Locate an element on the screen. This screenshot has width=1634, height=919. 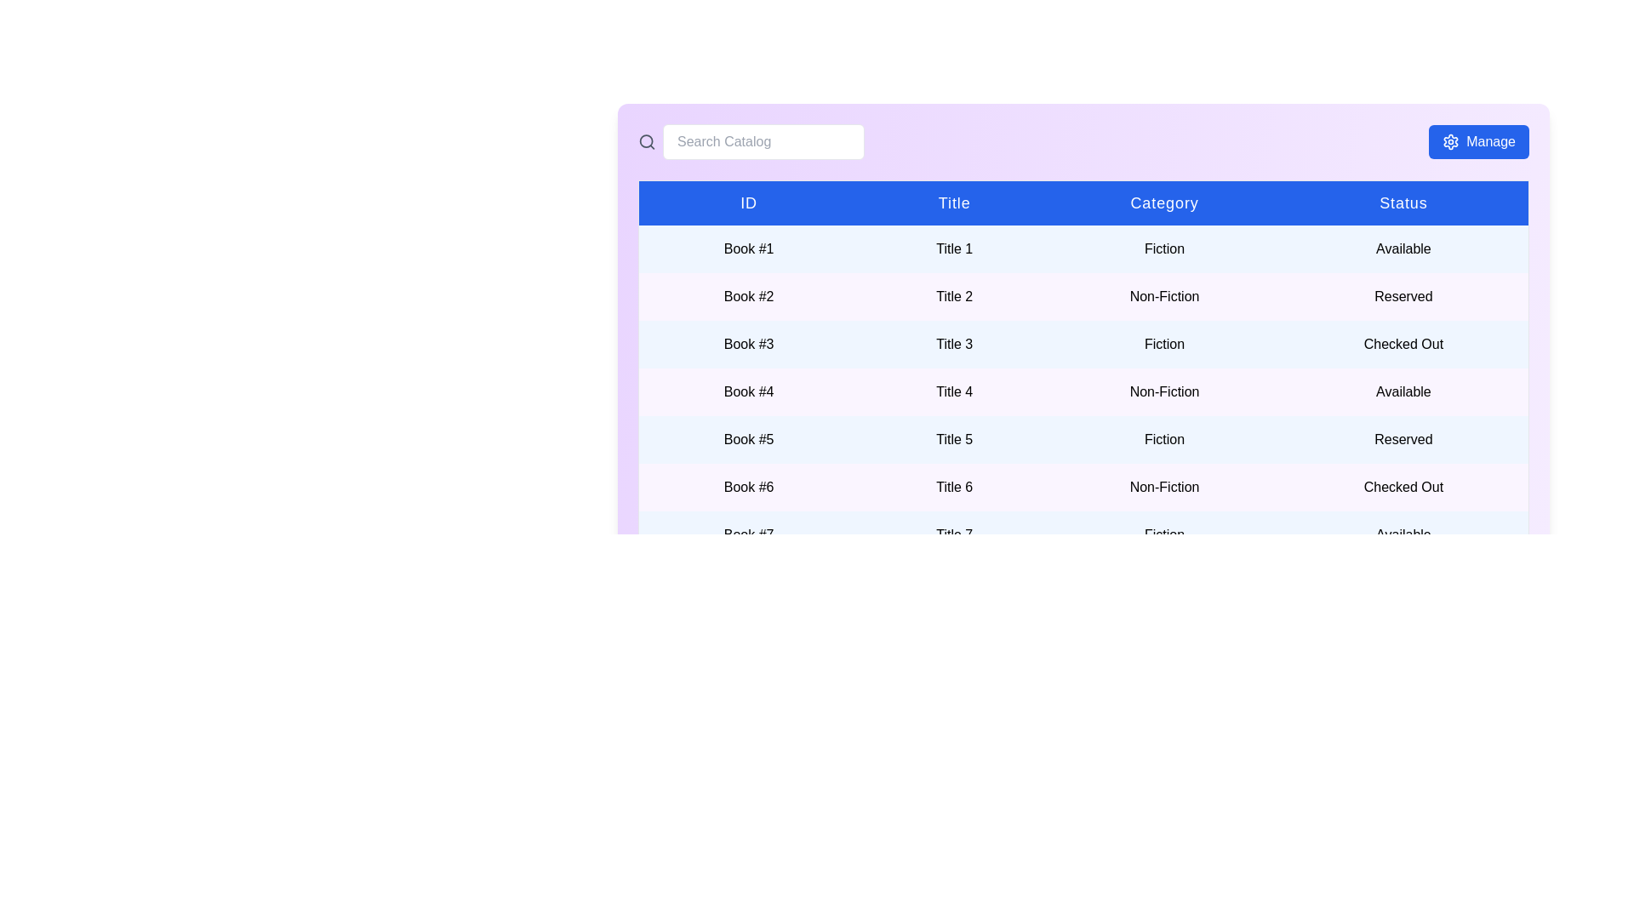
the column header to sort the table by Category is located at coordinates (1163, 202).